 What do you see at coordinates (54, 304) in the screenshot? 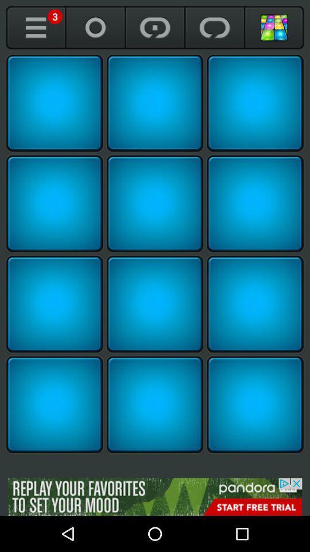
I see `square` at bounding box center [54, 304].